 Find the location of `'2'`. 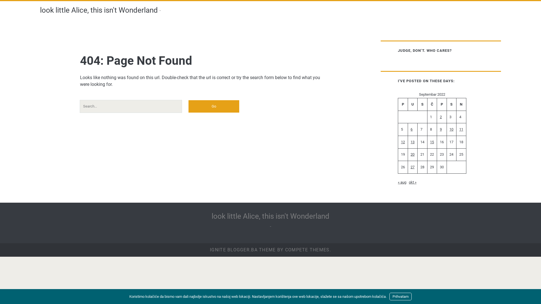

'2' is located at coordinates (440, 117).